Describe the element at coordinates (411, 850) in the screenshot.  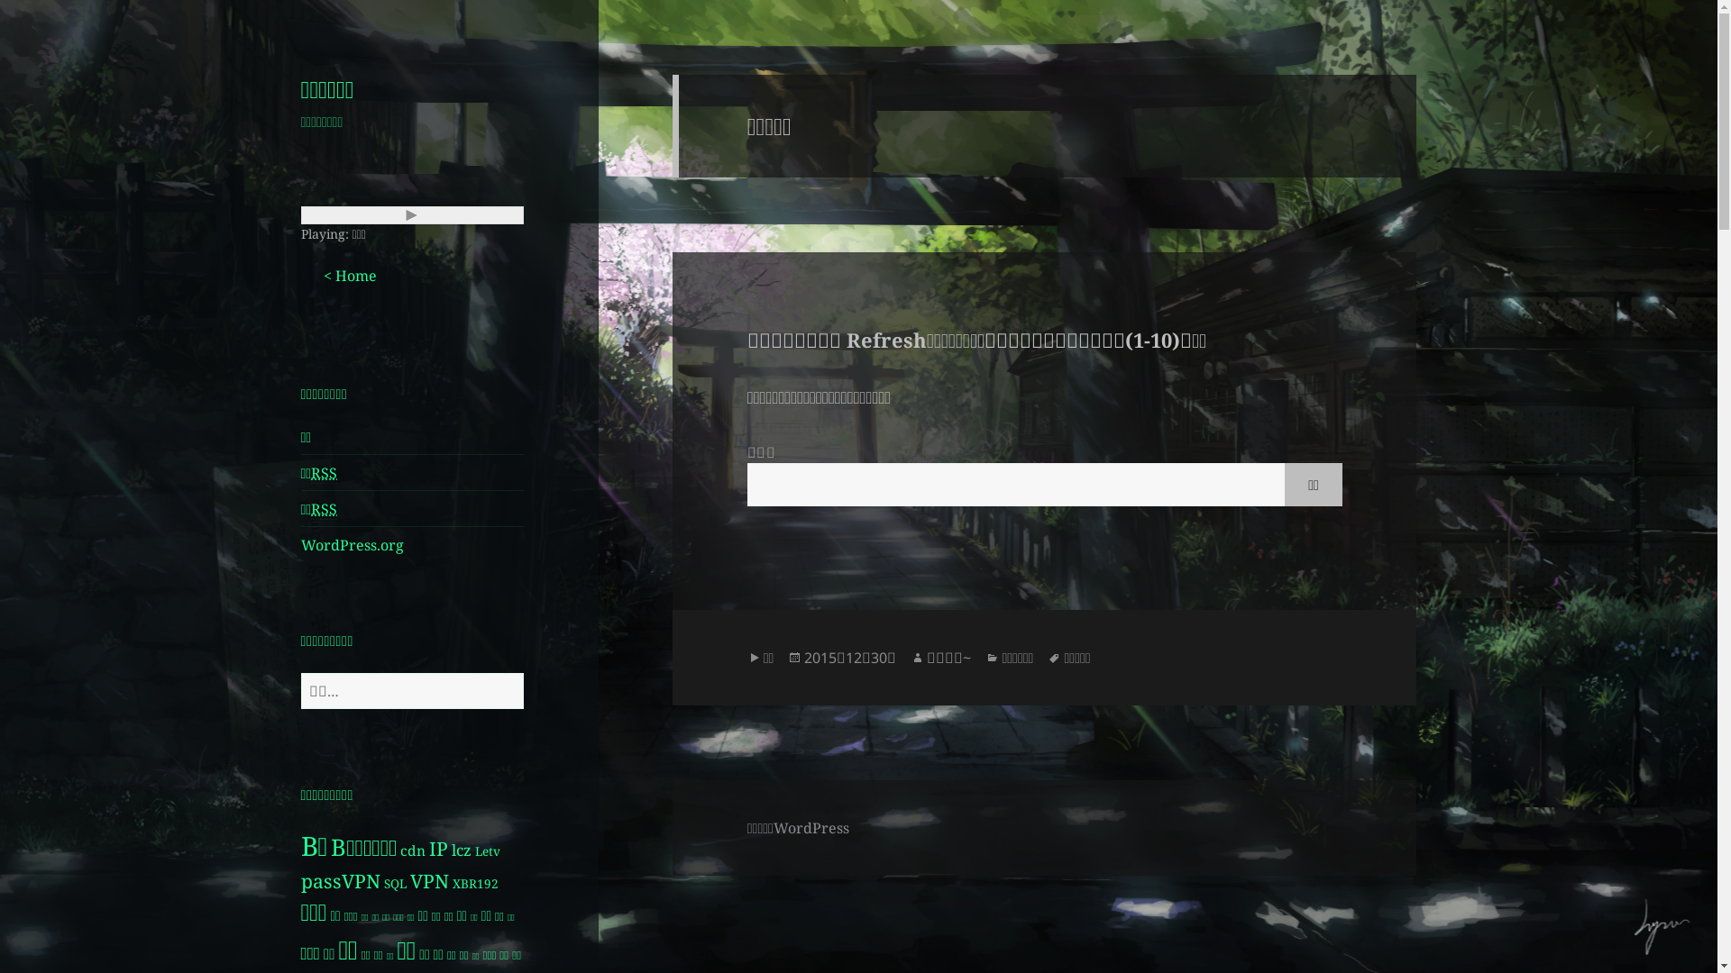
I see `'cdn'` at that location.